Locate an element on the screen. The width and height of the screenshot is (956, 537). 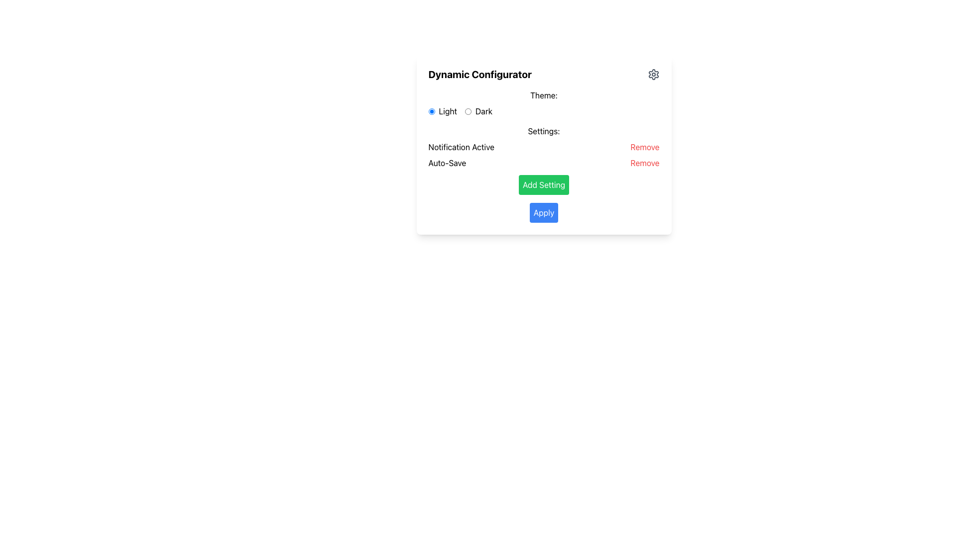
the label that describes the theme selection radio buttons, located above the 'Light' and 'Dark' options is located at coordinates (543, 95).